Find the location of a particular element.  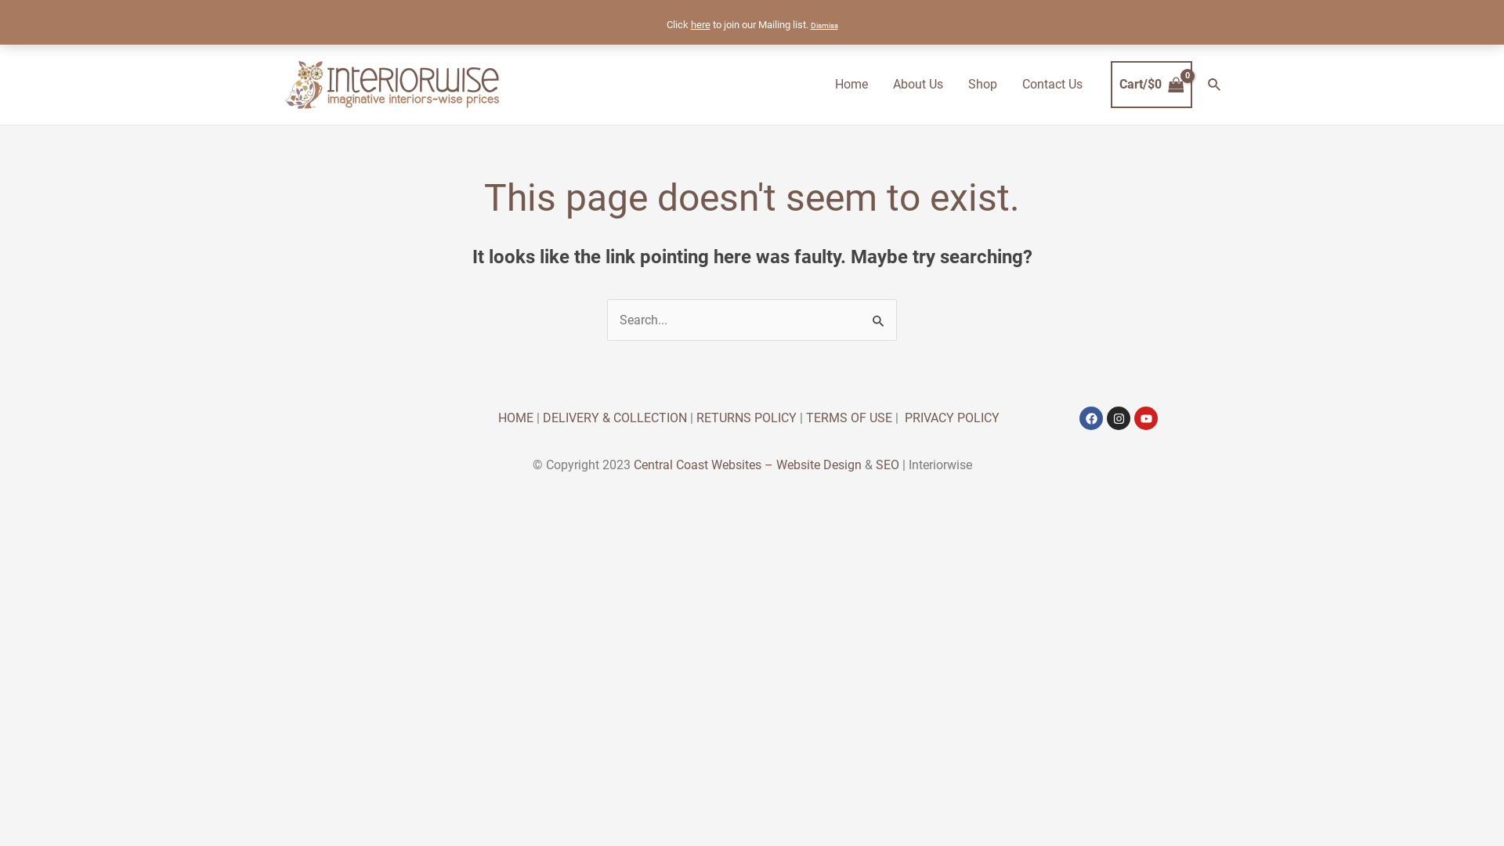

'Search' is located at coordinates (860, 315).